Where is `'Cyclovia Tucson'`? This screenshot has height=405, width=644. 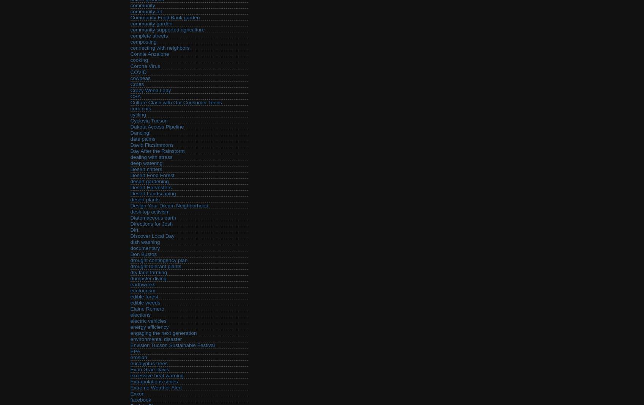 'Cyclovia Tucson' is located at coordinates (148, 120).